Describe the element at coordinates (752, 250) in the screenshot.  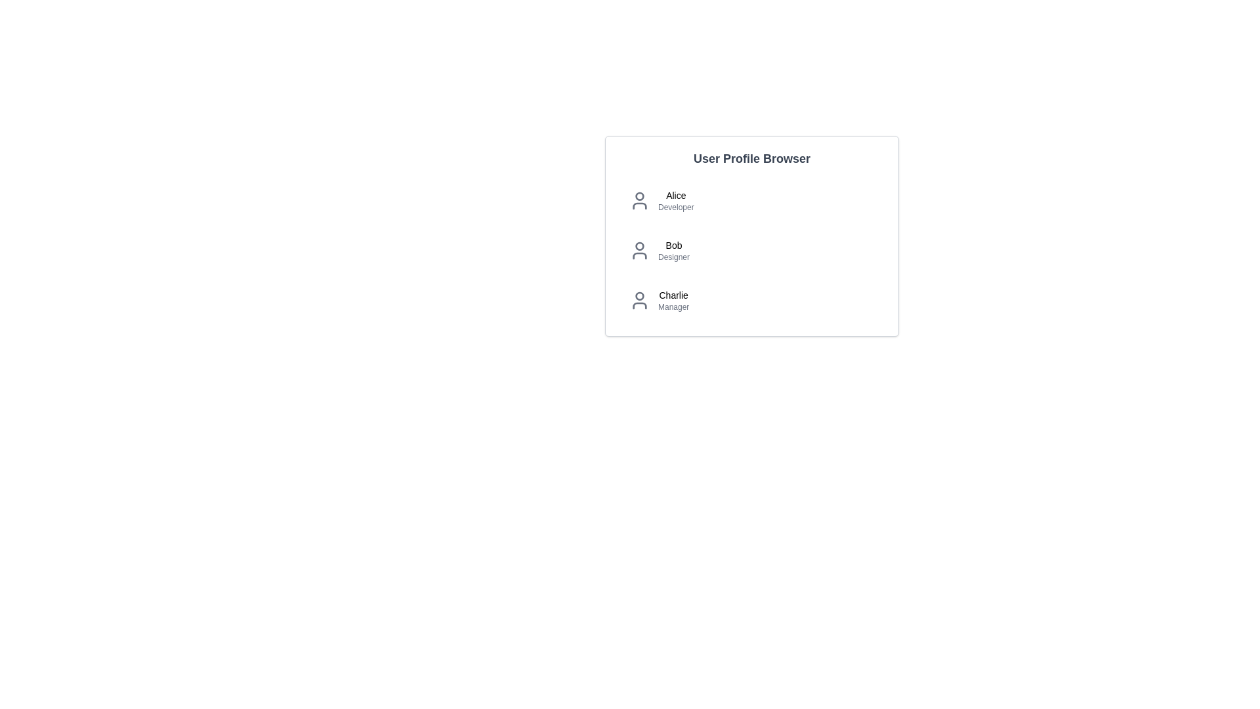
I see `the profile list item representing 'Bob Designer'` at that location.